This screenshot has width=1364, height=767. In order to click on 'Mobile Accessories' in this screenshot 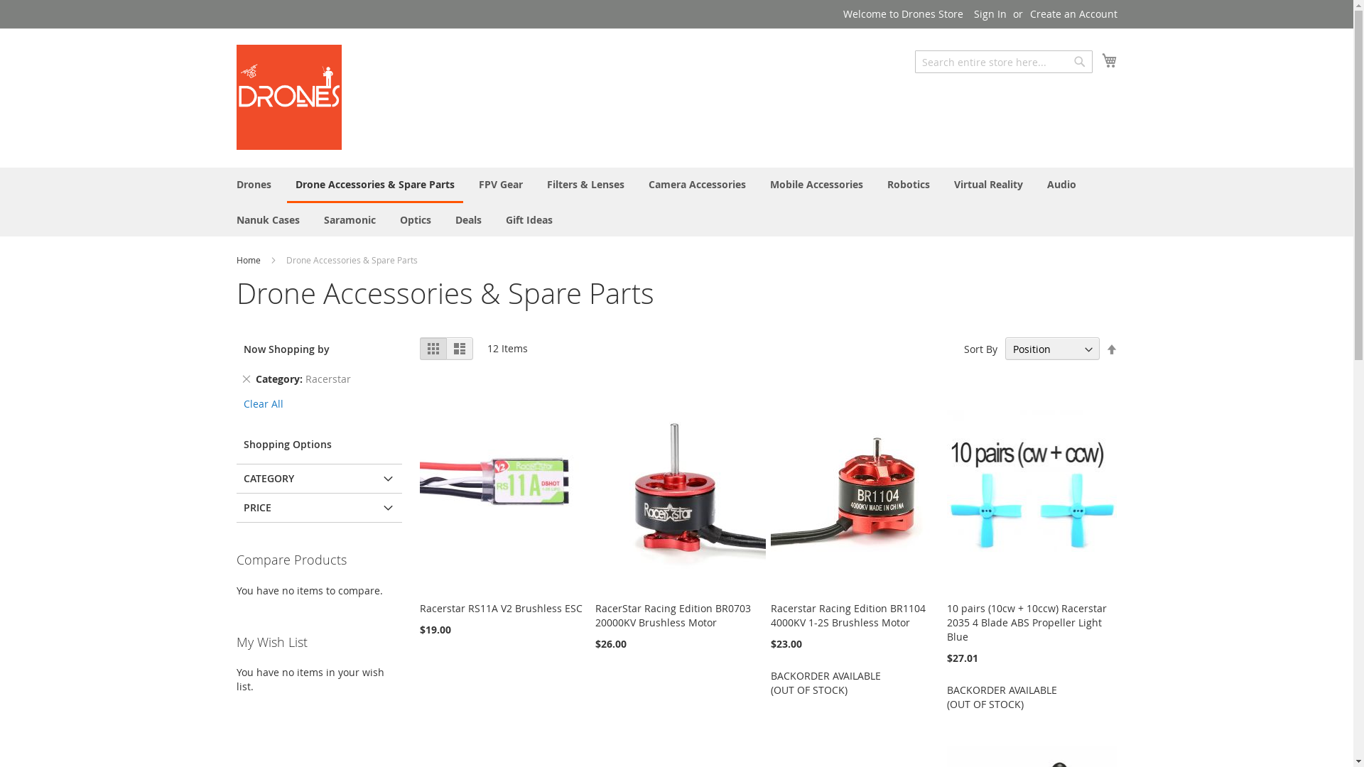, I will do `click(816, 183)`.